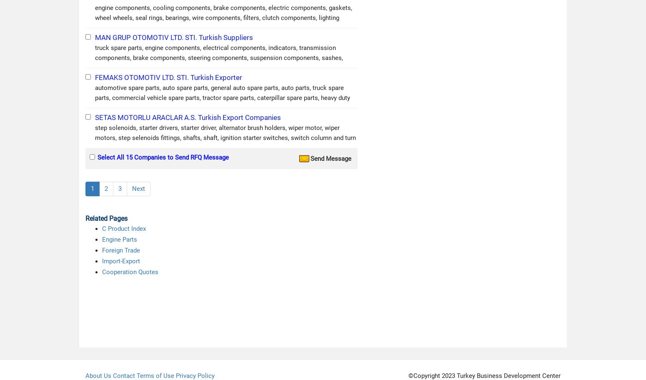  What do you see at coordinates (130, 271) in the screenshot?
I see `'Cooperation Quotes'` at bounding box center [130, 271].